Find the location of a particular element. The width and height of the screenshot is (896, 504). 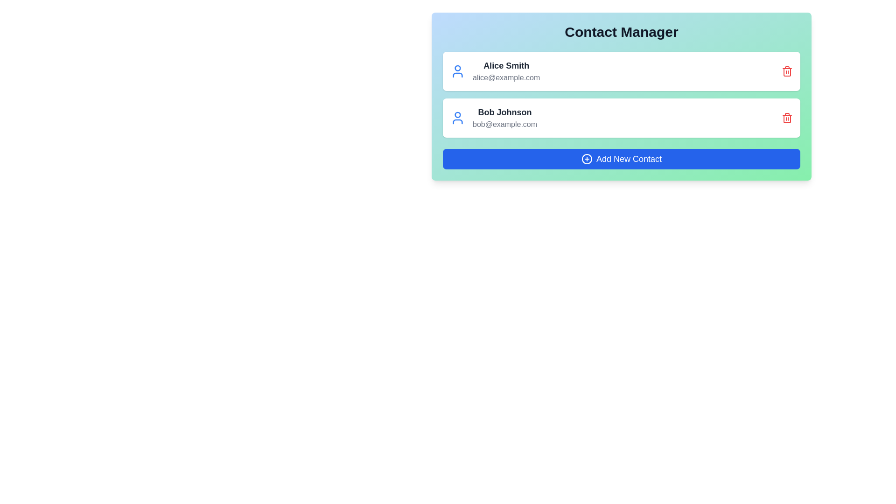

the trash icon corresponding to the contact Bob Johnson is located at coordinates (786, 118).